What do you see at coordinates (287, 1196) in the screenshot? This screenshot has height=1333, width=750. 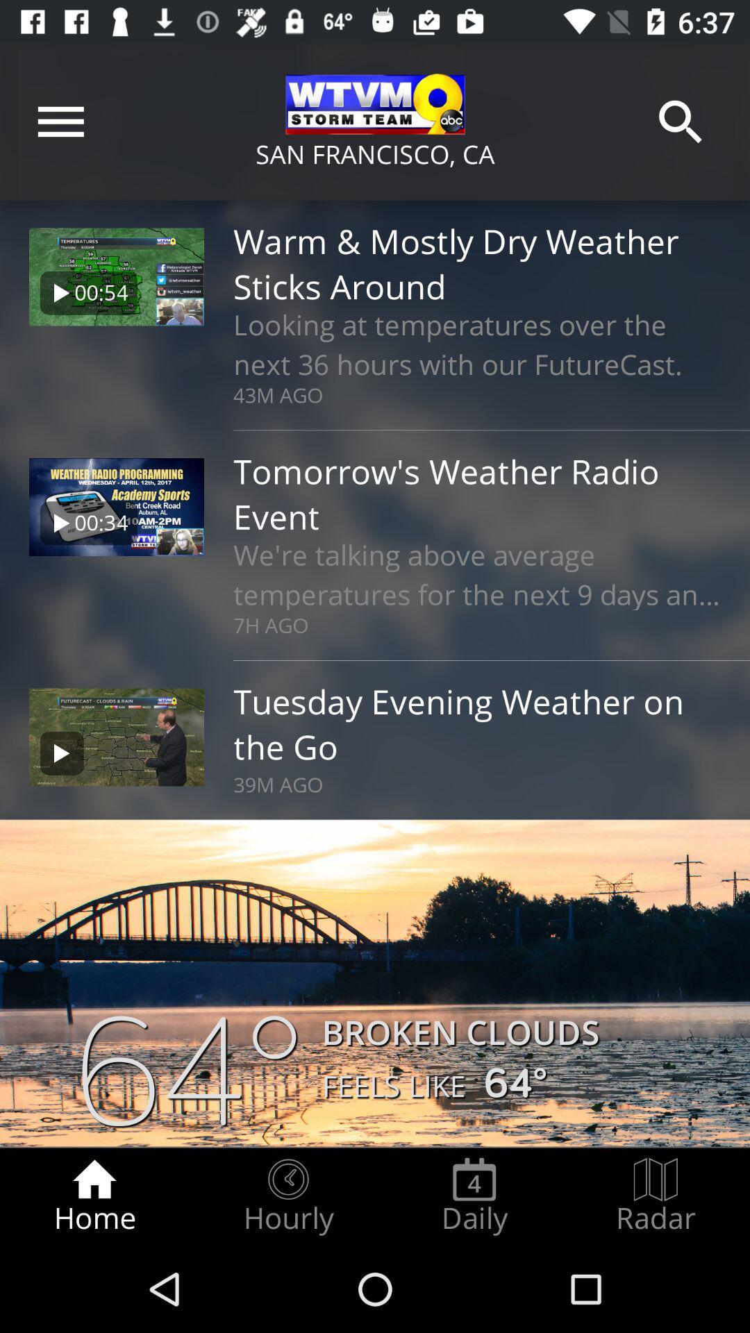 I see `the radio button to the right of the home radio button` at bounding box center [287, 1196].